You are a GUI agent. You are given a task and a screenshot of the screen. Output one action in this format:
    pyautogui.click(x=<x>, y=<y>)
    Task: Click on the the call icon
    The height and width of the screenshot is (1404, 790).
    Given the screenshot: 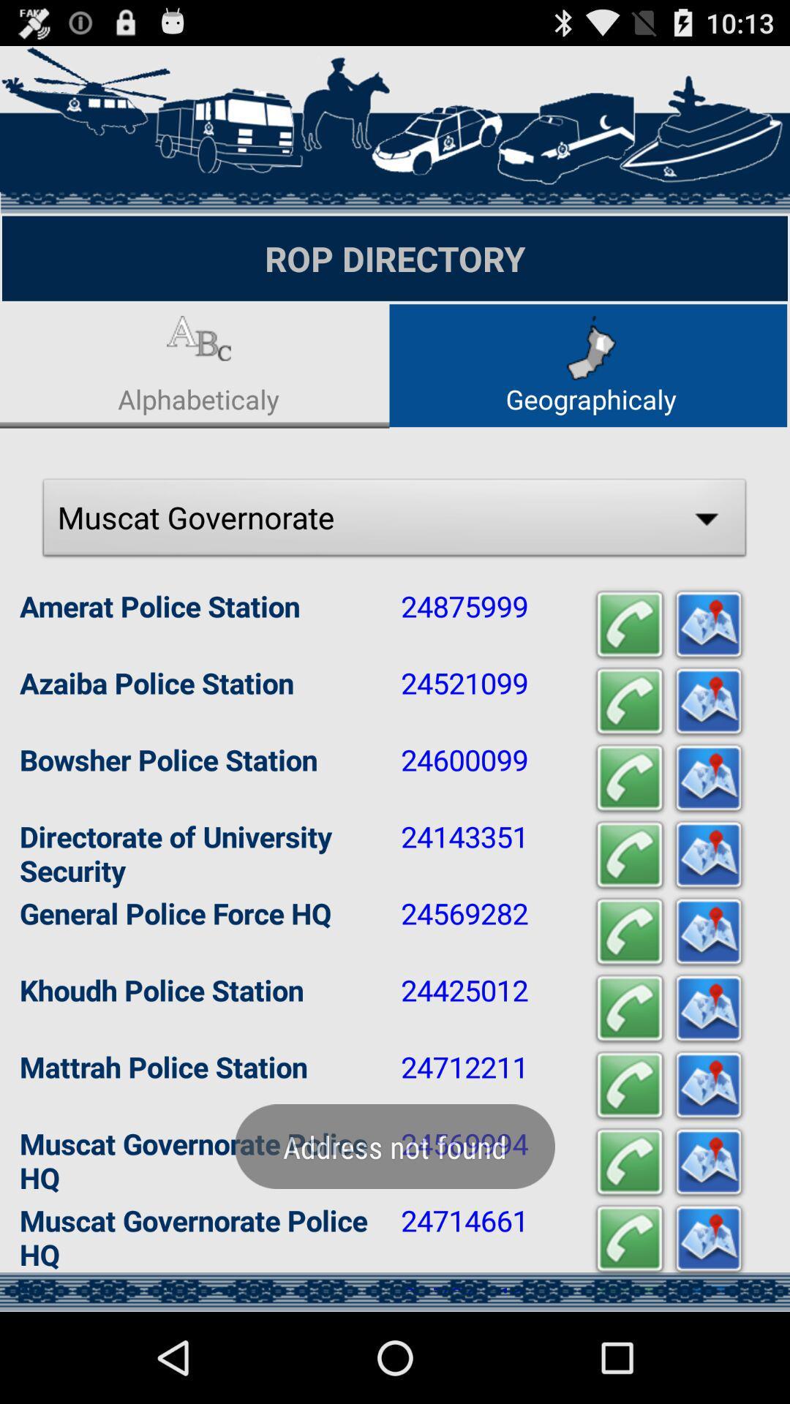 What is the action you would take?
    pyautogui.click(x=628, y=1243)
    